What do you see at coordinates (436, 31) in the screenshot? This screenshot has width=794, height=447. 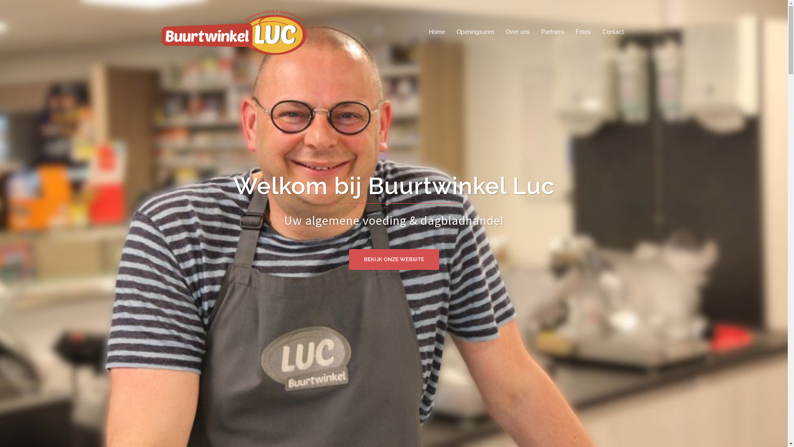 I see `'Home'` at bounding box center [436, 31].